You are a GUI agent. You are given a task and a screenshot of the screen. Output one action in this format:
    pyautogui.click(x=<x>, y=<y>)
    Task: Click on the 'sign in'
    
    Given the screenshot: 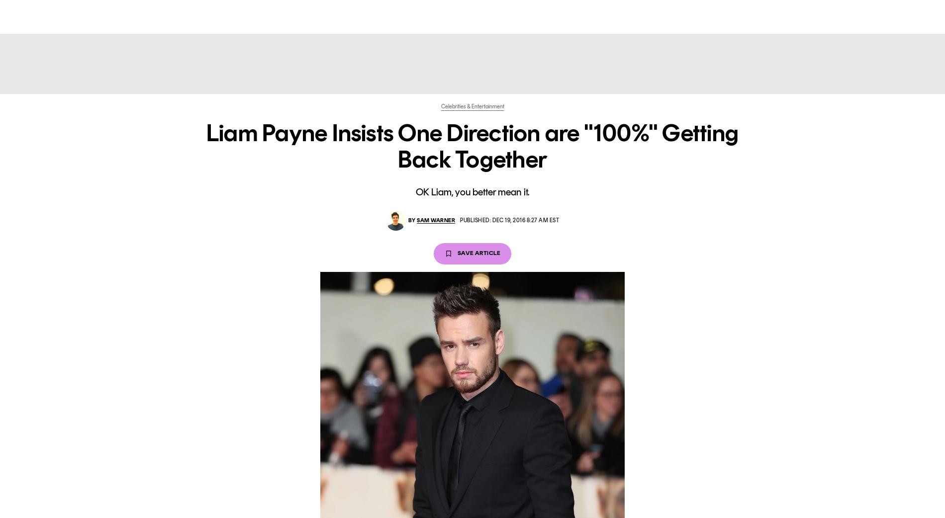 What is the action you would take?
    pyautogui.click(x=759, y=16)
    